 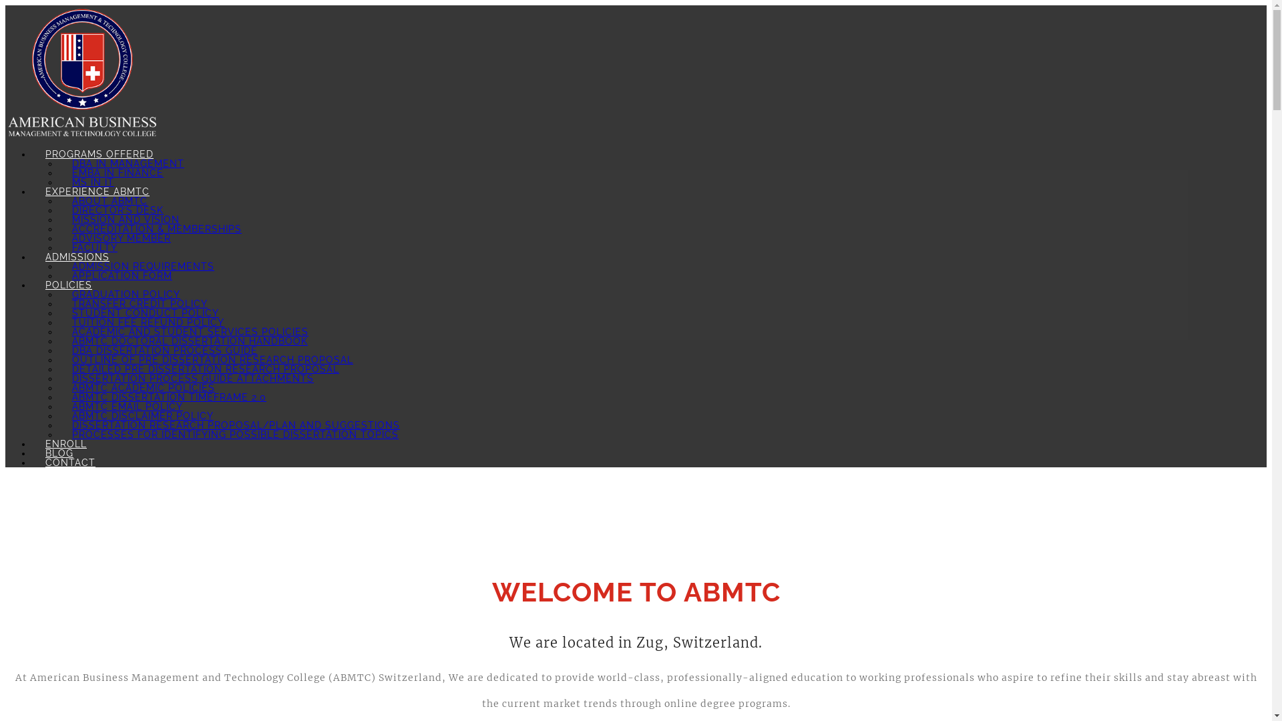 I want to click on 'DBA IN MANAGEMENT', so click(x=128, y=163).